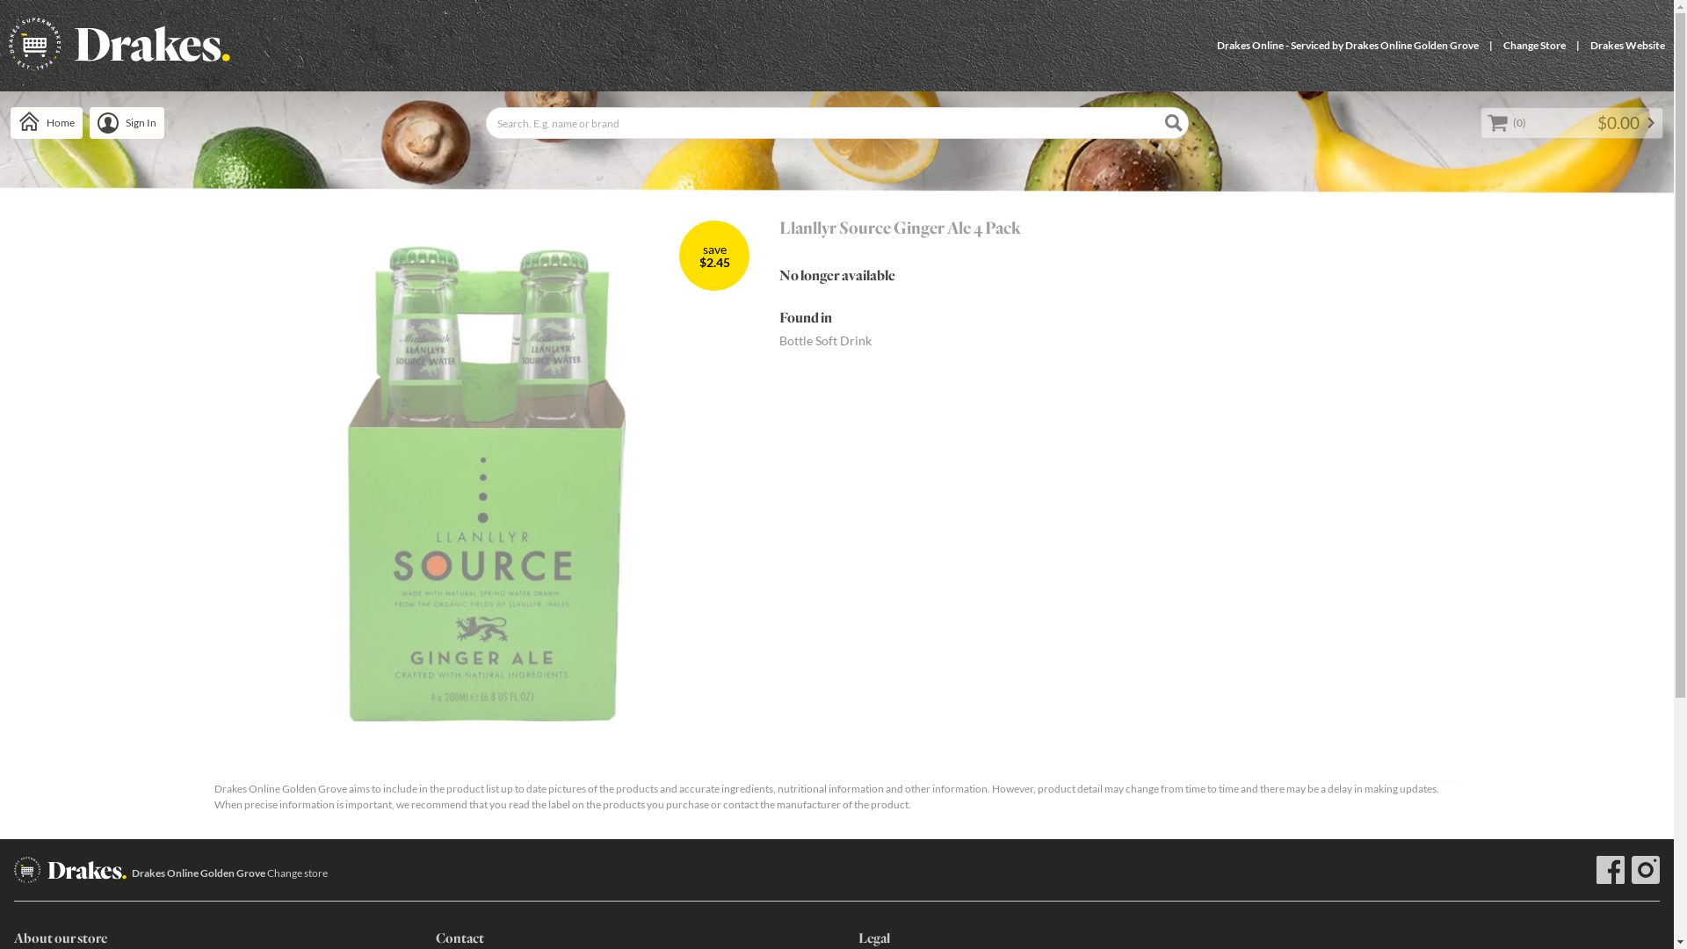  Describe the element at coordinates (46, 121) in the screenshot. I see `'Home'` at that location.